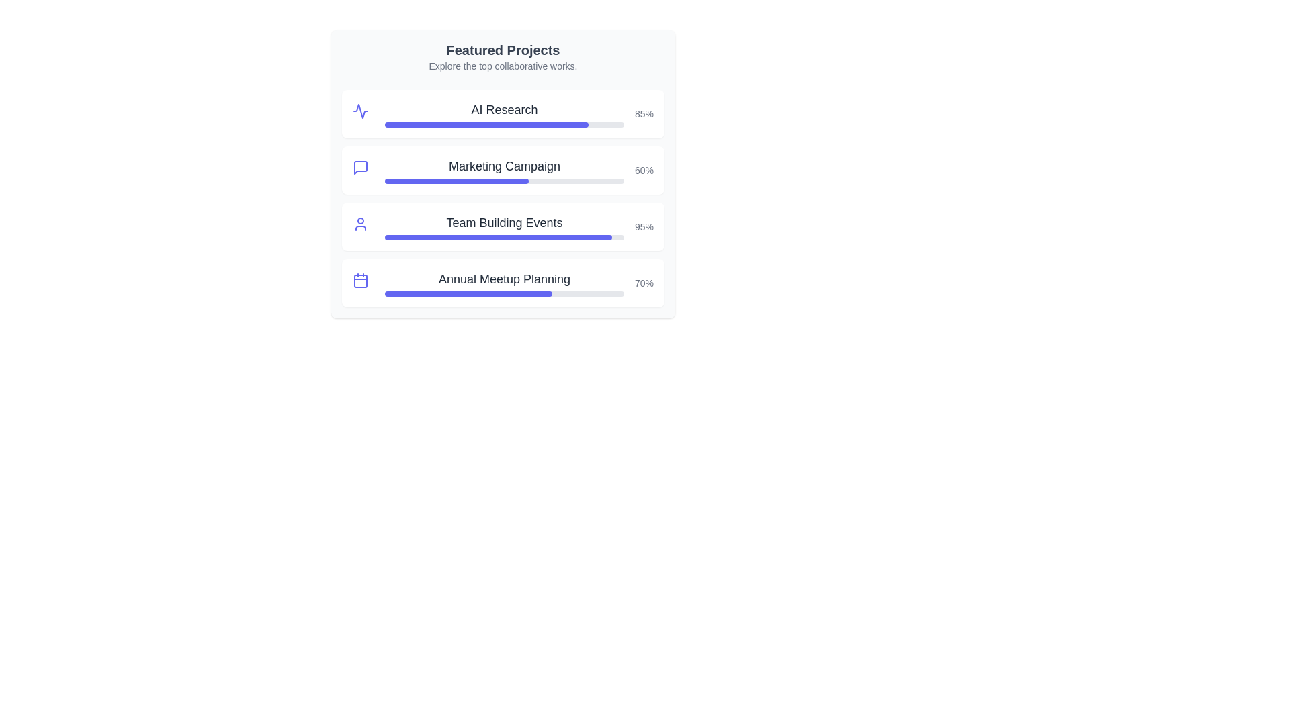 This screenshot has height=725, width=1290. I want to click on the project icon for Marketing Campaign to reveal additional information, so click(363, 170).